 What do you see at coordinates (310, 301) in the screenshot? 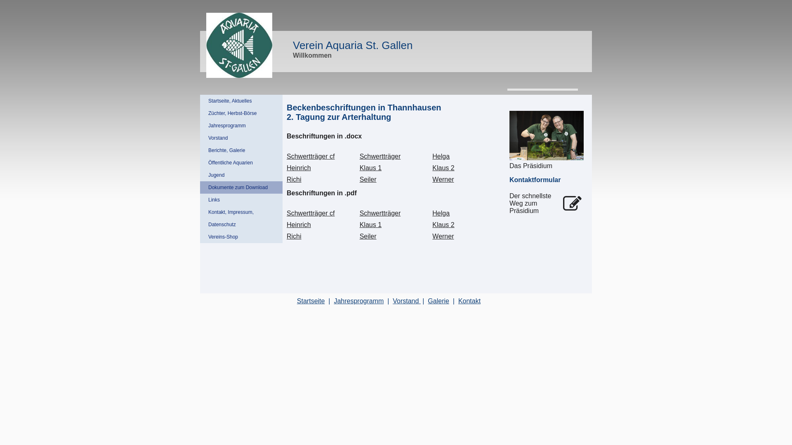
I see `'Startseite'` at bounding box center [310, 301].